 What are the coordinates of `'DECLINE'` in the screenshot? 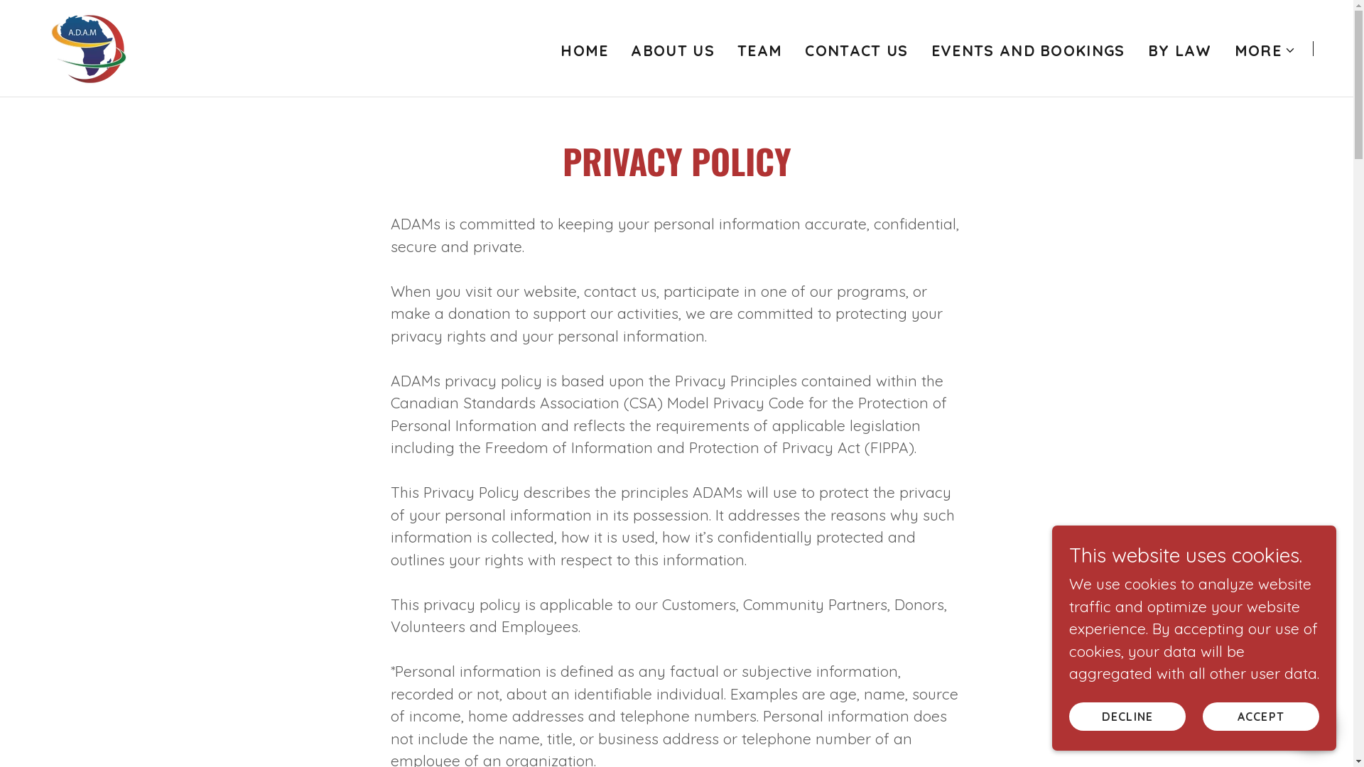 It's located at (1127, 715).